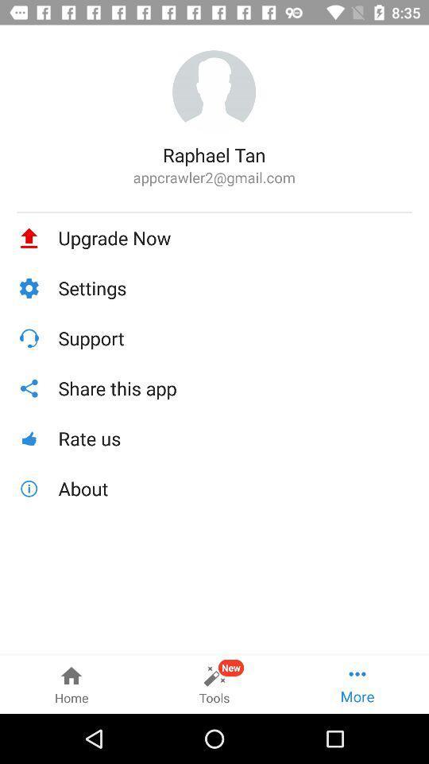 Image resolution: width=429 pixels, height=764 pixels. I want to click on the rate us icon, so click(234, 439).